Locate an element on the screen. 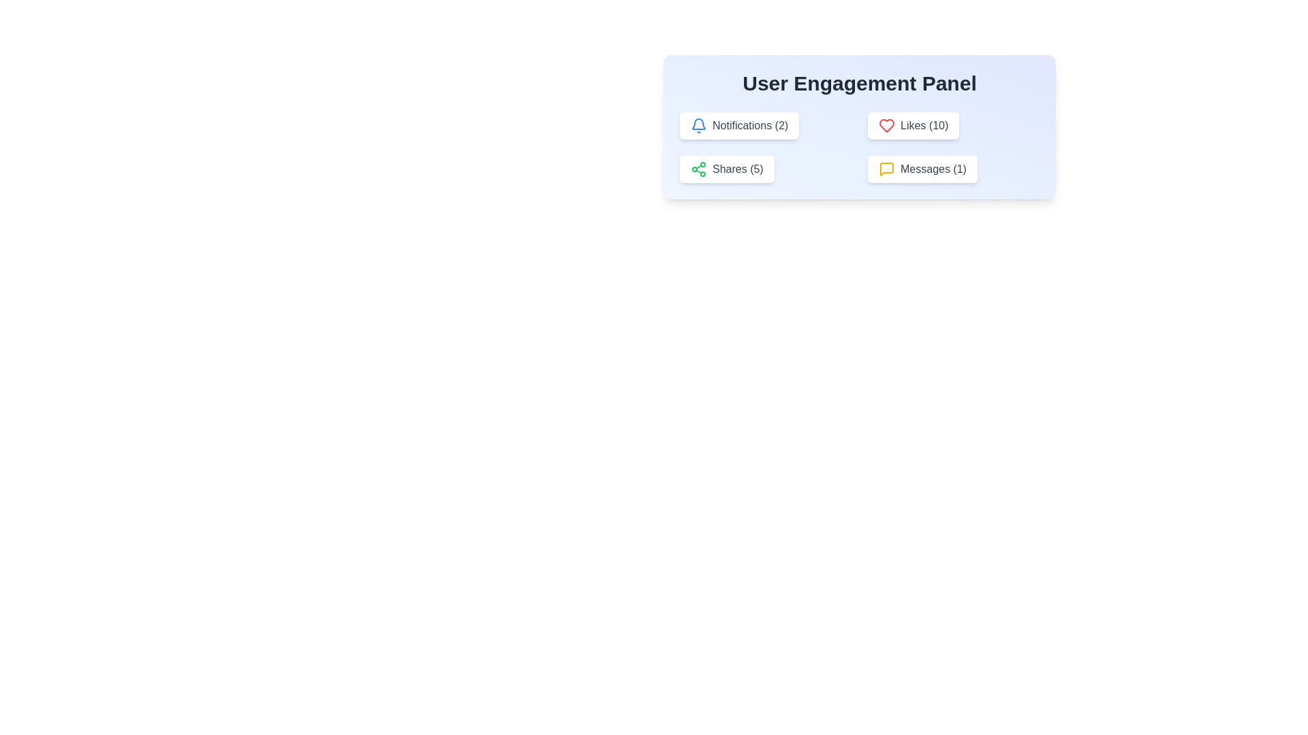 This screenshot has height=735, width=1308. text content of the 'Notifications (2)' label located in the User Engagement Panel, which is positioned to the right of the blue bell icon is located at coordinates (749, 126).